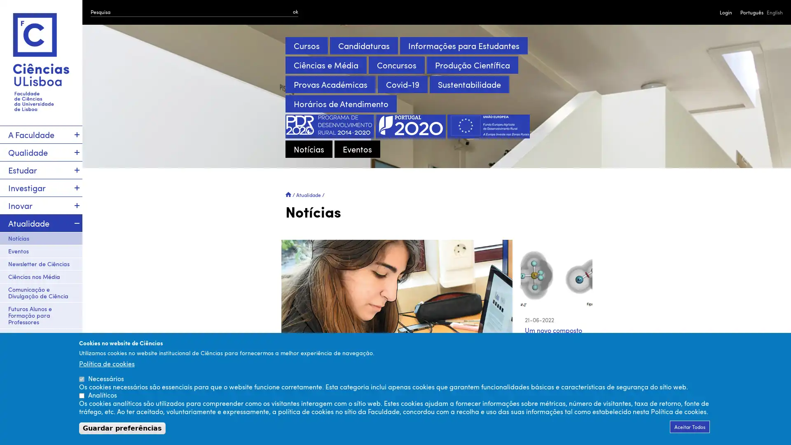 This screenshot has width=791, height=445. What do you see at coordinates (295, 11) in the screenshot?
I see `ok` at bounding box center [295, 11].